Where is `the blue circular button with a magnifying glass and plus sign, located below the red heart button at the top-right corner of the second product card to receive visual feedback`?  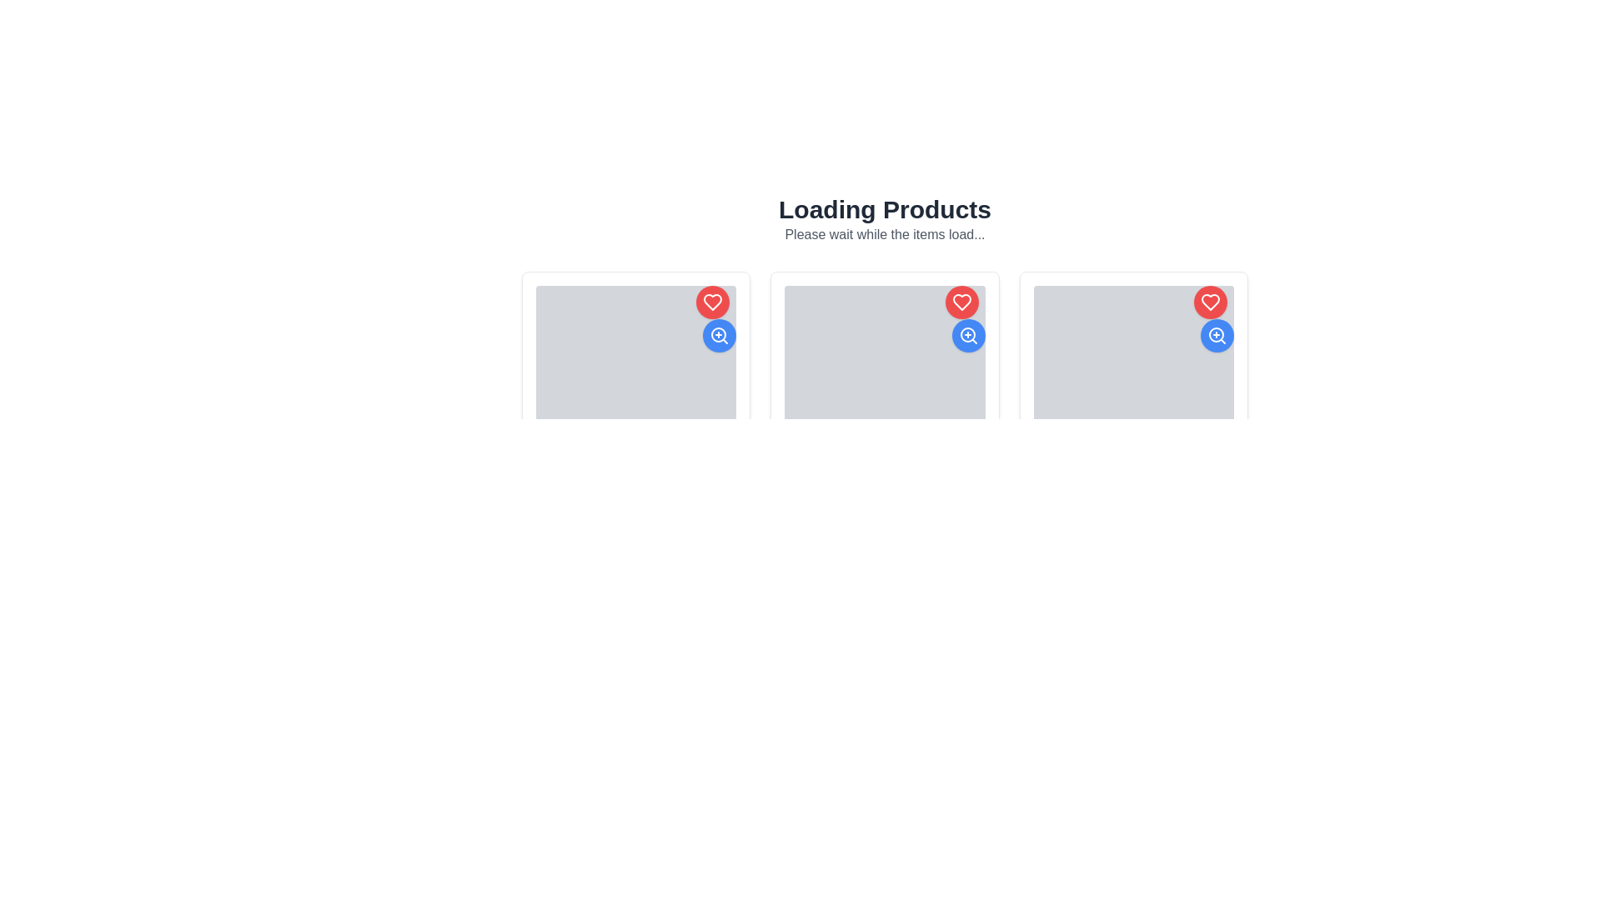 the blue circular button with a magnifying glass and plus sign, located below the red heart button at the top-right corner of the second product card to receive visual feedback is located at coordinates (965, 318).